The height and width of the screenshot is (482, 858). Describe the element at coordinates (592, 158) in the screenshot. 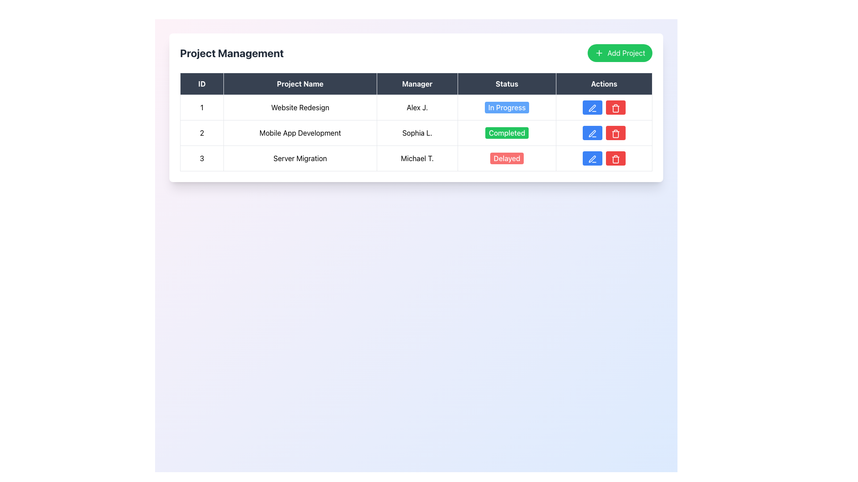

I see `the pen icon button located in the 'Actions' column of the third row of the table to initiate the edit process for the associated project row` at that location.